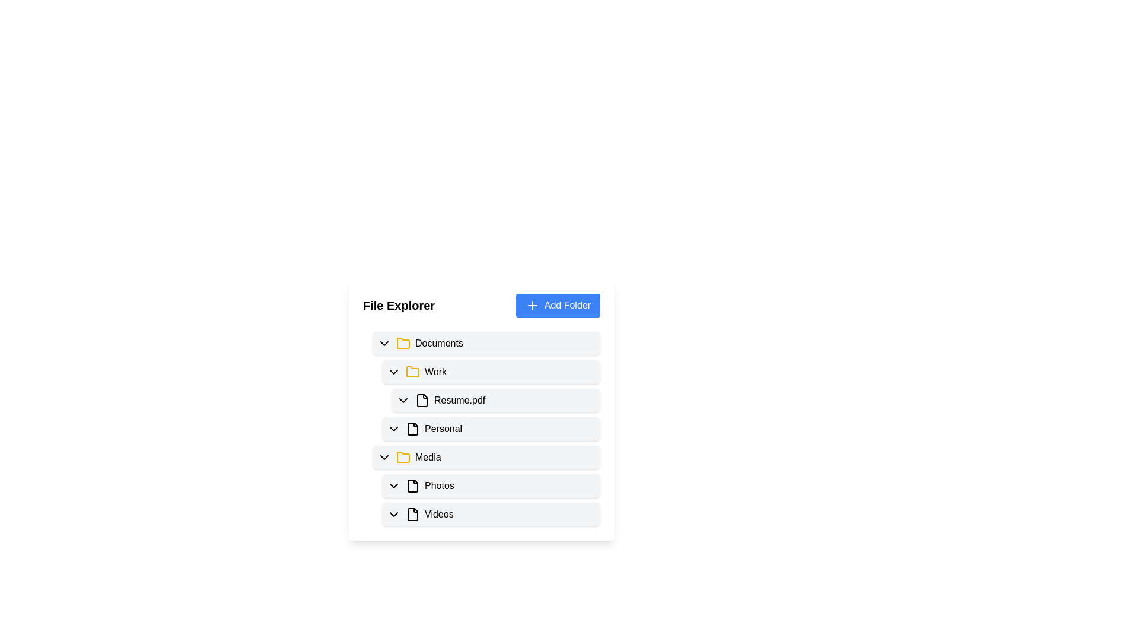 This screenshot has height=641, width=1139. I want to click on the 'Personal' folder in the File Explorer, so click(481, 426).